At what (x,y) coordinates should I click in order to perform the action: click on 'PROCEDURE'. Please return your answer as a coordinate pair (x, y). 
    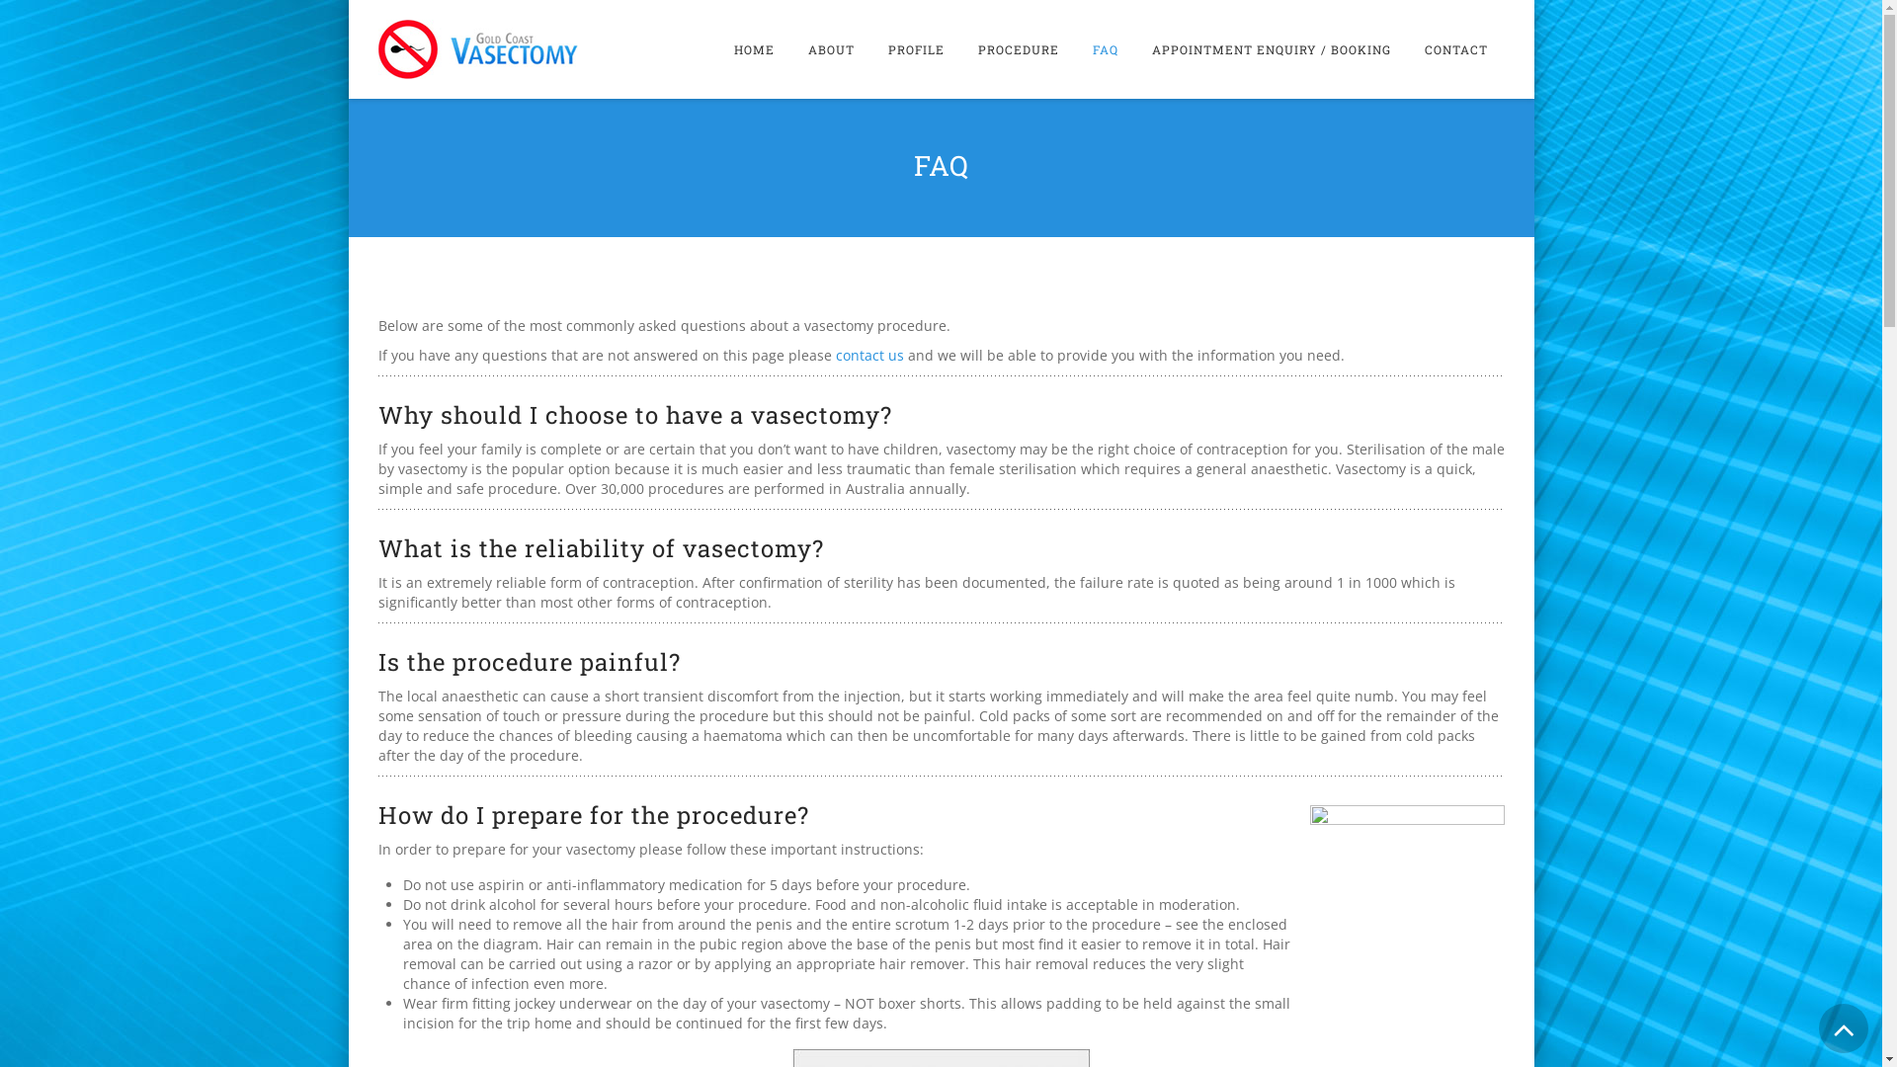
    Looking at the image, I should click on (1018, 48).